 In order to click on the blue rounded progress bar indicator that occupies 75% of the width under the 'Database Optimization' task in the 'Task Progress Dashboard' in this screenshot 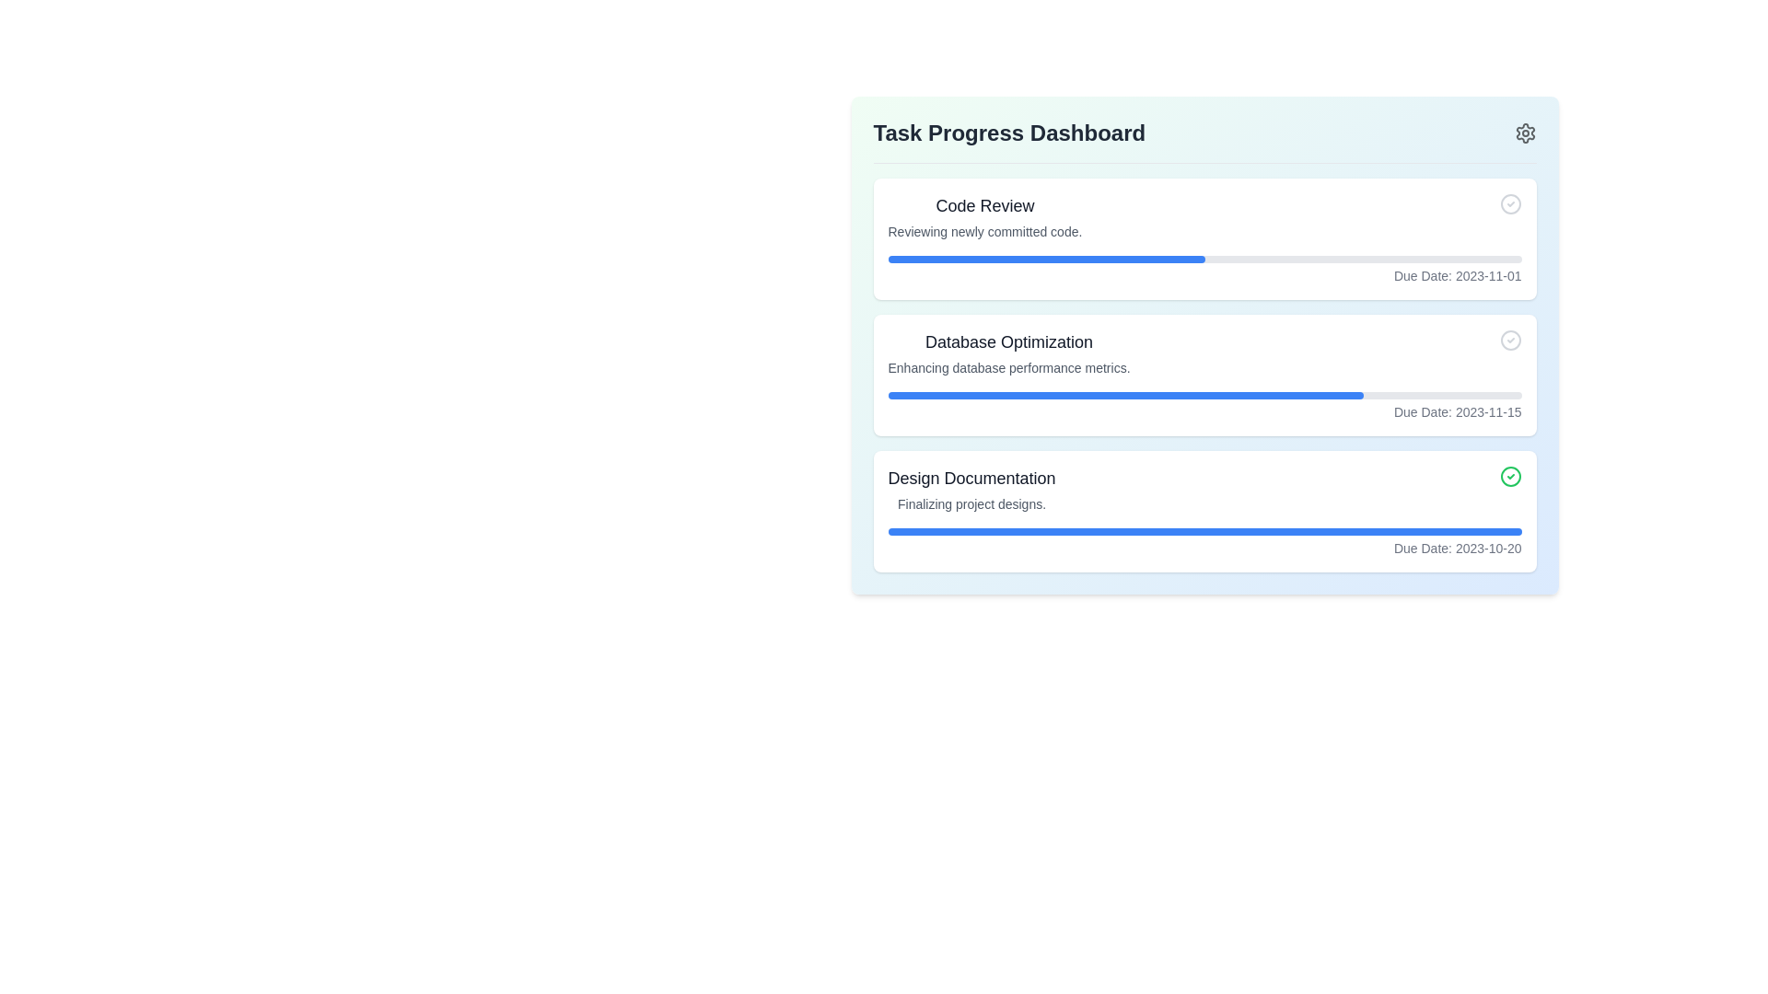, I will do `click(1124, 394)`.